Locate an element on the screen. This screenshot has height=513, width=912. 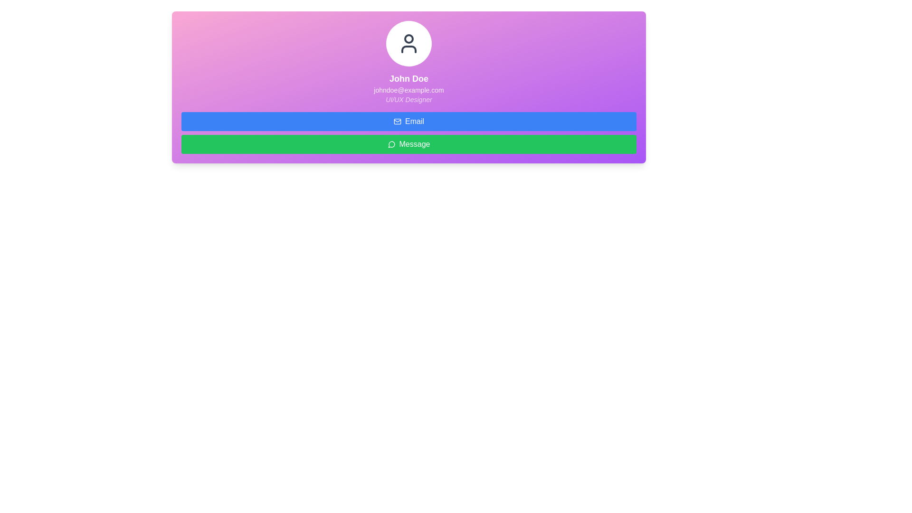
the blue 'Email' button with rounded corners located above the green 'Message' button is located at coordinates (408, 121).